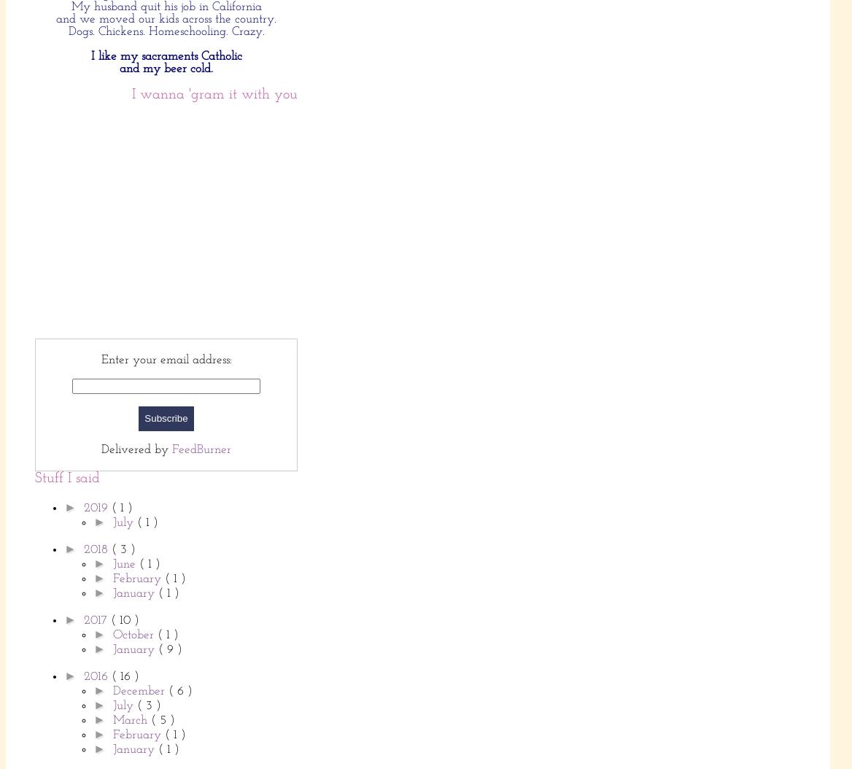  Describe the element at coordinates (124, 619) in the screenshot. I see `'(
                10
                )'` at that location.